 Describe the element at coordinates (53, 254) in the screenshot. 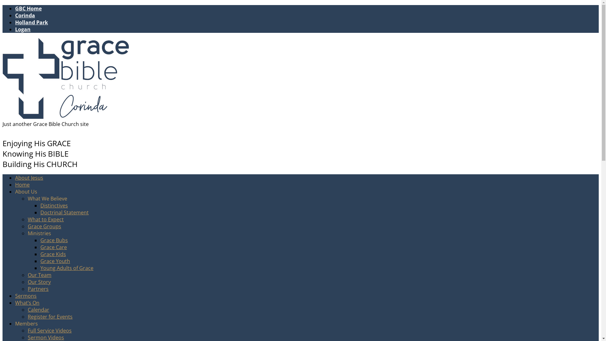

I see `'Grace Kids'` at that location.